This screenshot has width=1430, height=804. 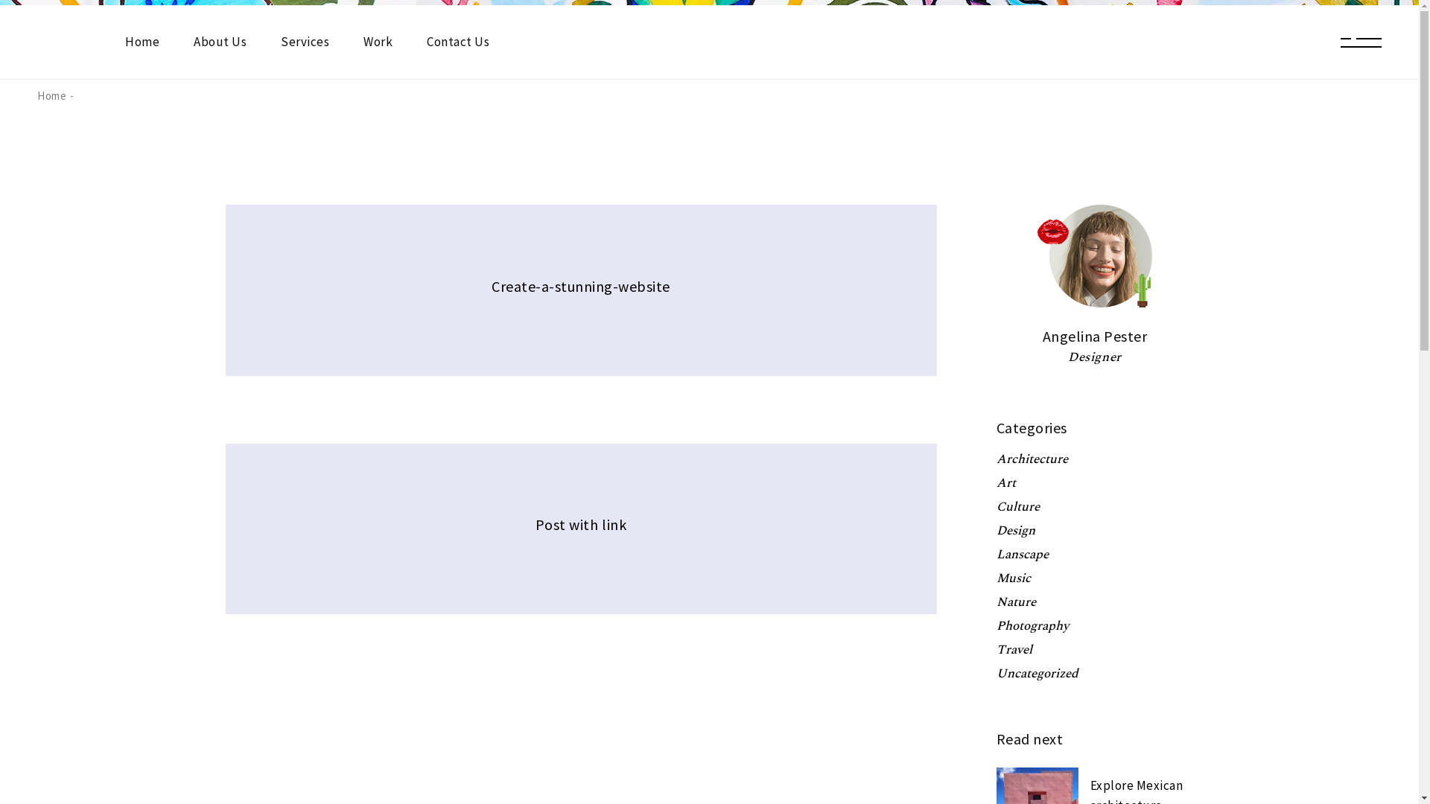 I want to click on 'Photography', so click(x=1032, y=625).